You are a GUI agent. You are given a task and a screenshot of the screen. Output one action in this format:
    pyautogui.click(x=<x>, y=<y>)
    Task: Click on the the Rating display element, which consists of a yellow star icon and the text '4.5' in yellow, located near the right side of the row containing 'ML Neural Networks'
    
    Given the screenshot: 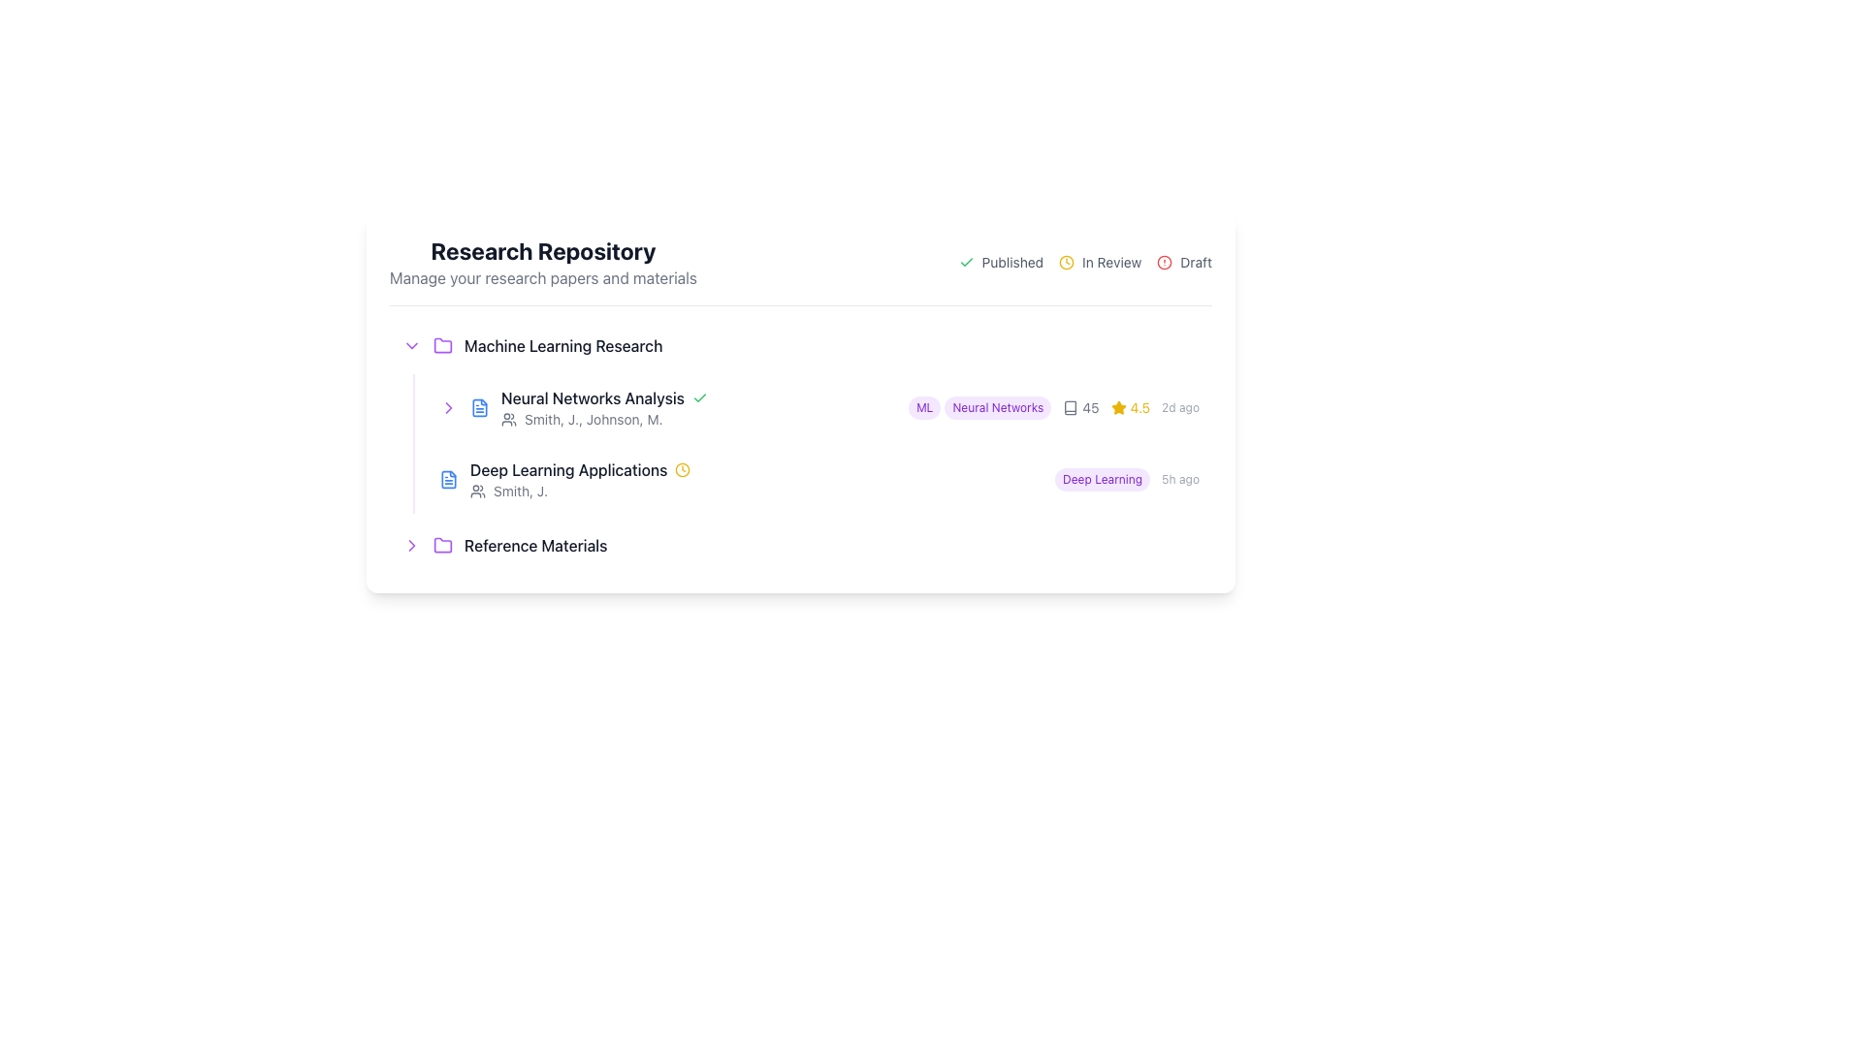 What is the action you would take?
    pyautogui.click(x=1130, y=406)
    